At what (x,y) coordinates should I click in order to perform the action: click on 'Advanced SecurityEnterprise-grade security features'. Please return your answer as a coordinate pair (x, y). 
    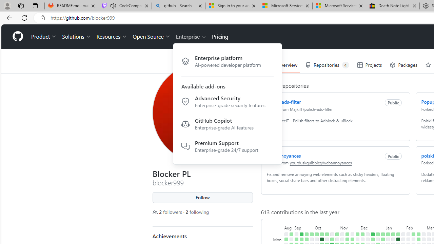
    Looking at the image, I should click on (227, 103).